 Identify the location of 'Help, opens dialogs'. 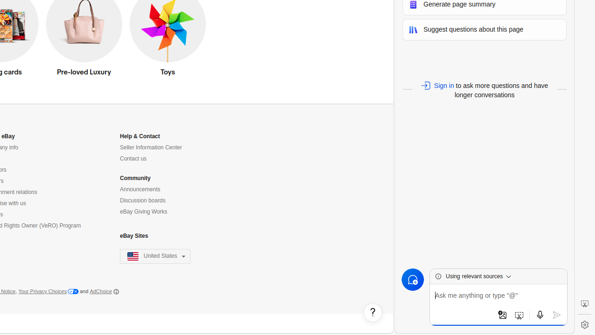
(373, 312).